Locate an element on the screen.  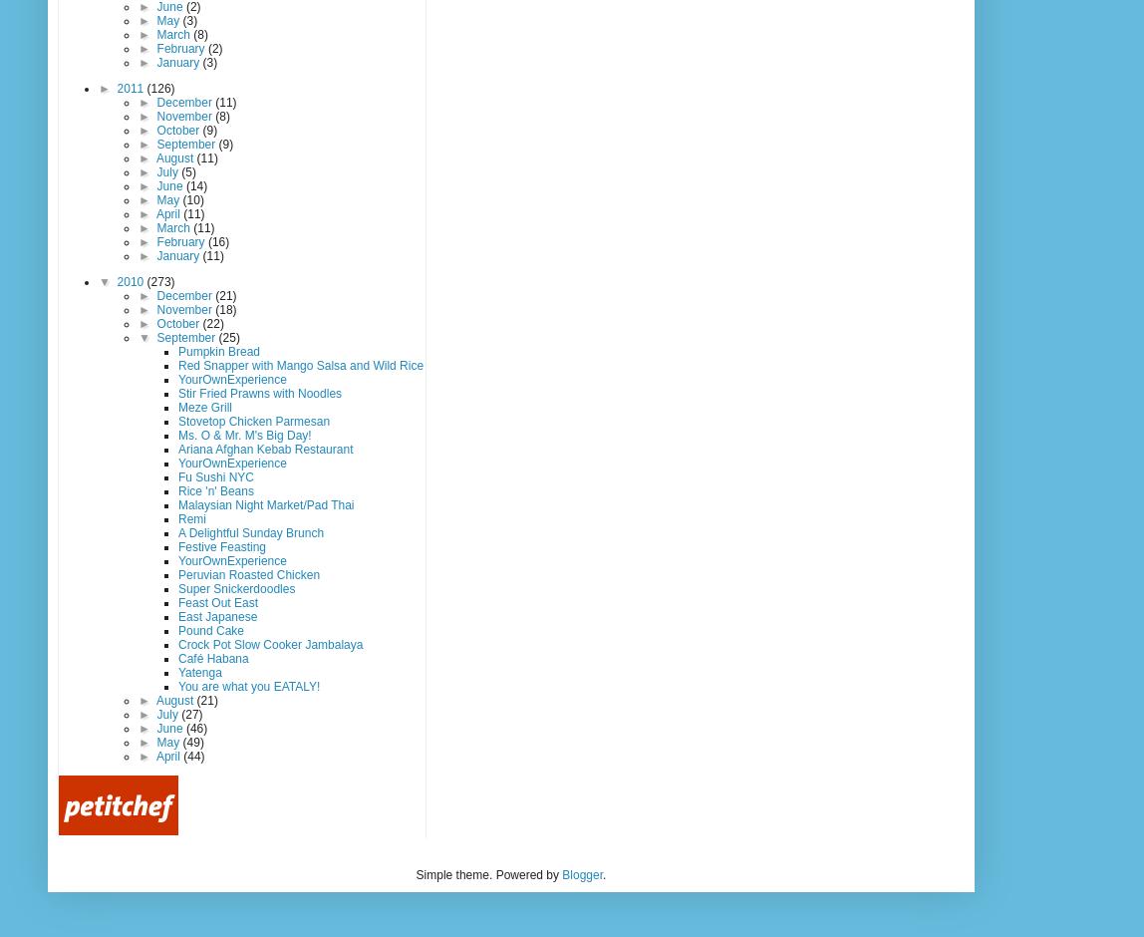
'Yatenga' is located at coordinates (199, 670).